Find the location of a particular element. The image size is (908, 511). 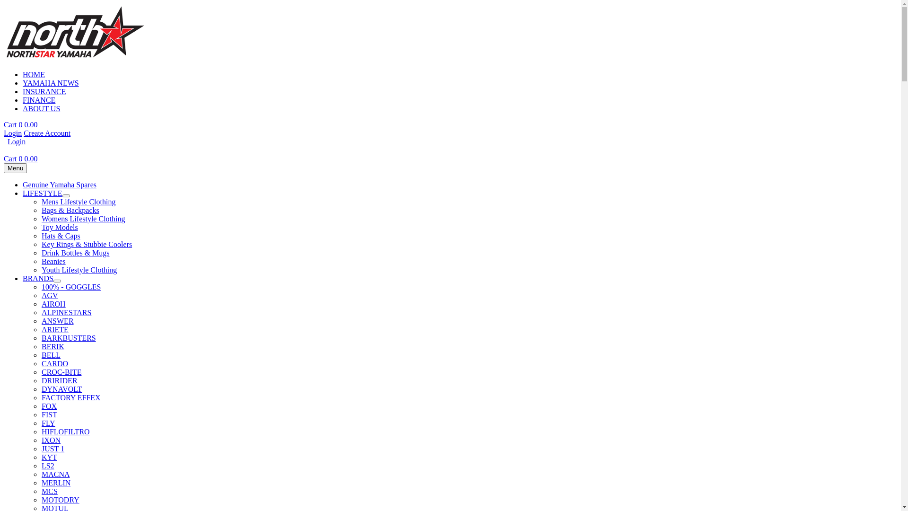

'BRANDS' is located at coordinates (23, 278).